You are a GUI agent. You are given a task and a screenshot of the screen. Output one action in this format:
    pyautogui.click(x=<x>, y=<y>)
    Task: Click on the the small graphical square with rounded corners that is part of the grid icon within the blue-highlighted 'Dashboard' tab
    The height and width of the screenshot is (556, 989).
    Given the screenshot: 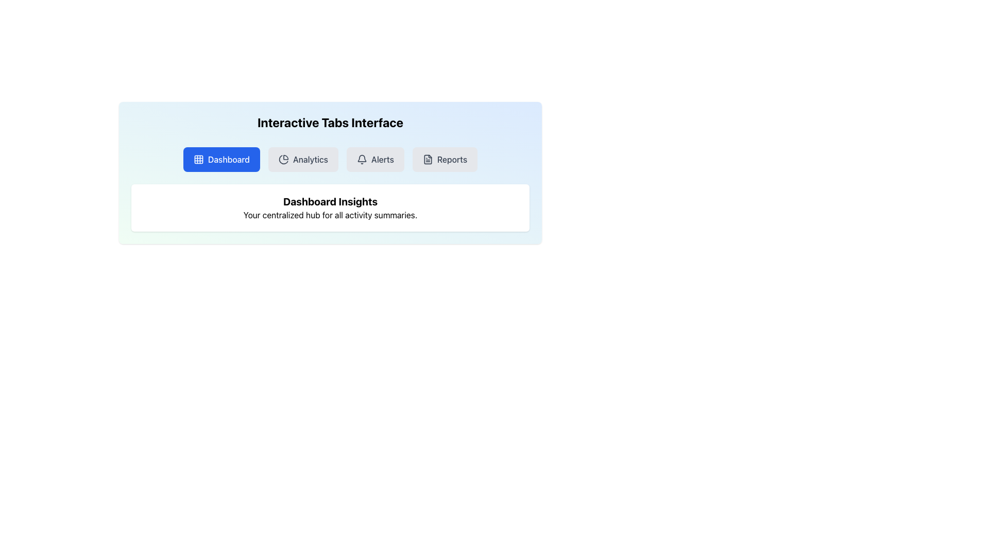 What is the action you would take?
    pyautogui.click(x=198, y=159)
    